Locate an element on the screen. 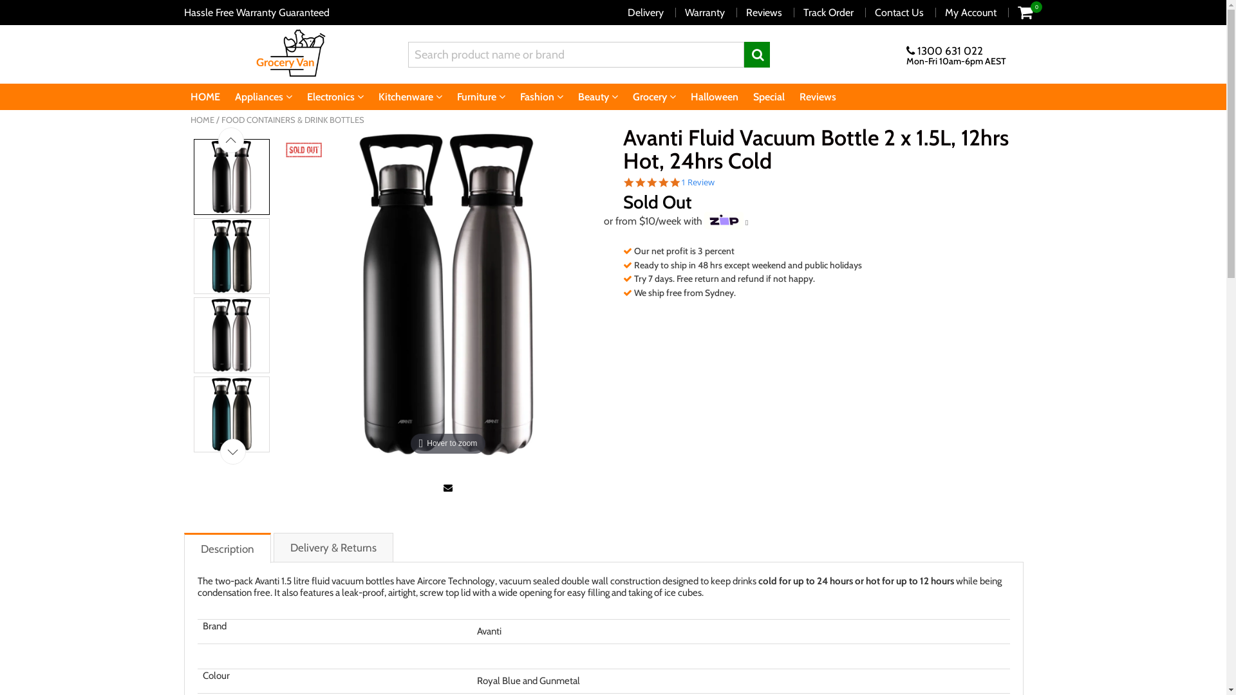 Image resolution: width=1236 pixels, height=695 pixels. 'Furniture' is located at coordinates (457, 96).